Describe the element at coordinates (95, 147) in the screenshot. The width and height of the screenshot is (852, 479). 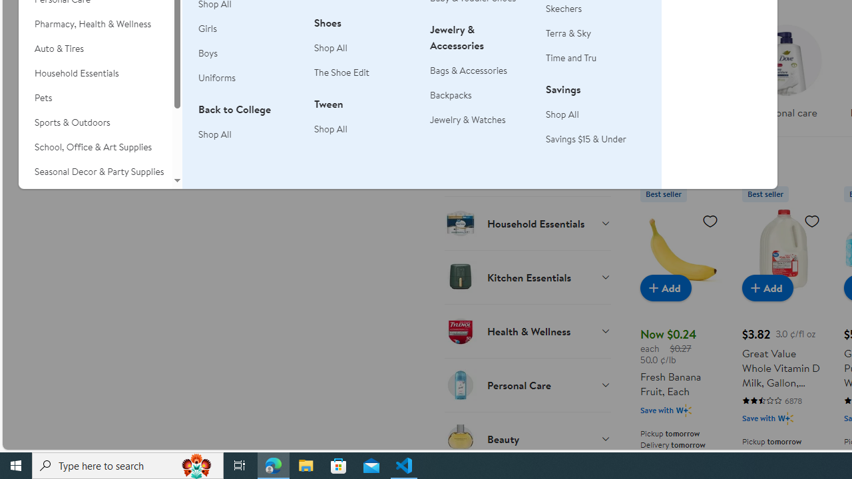
I see `'School, Office & Art Supplies'` at that location.